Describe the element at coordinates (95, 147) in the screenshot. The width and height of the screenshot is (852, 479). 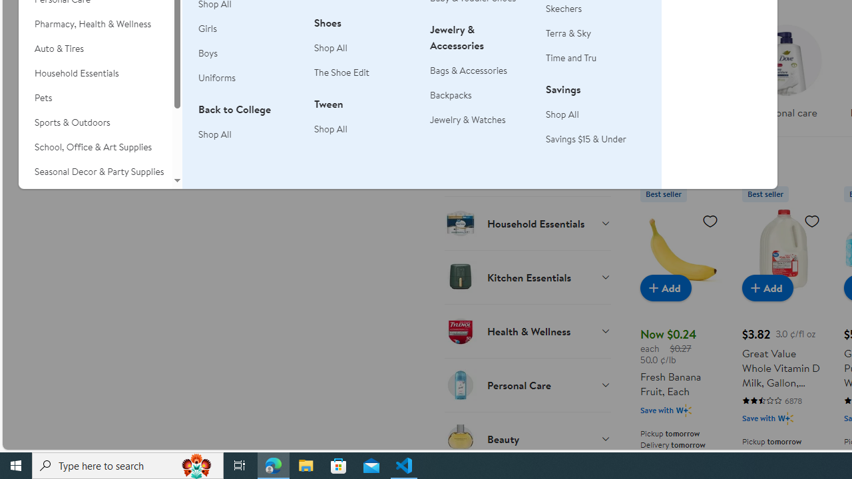
I see `'School, Office & Art Supplies'` at that location.